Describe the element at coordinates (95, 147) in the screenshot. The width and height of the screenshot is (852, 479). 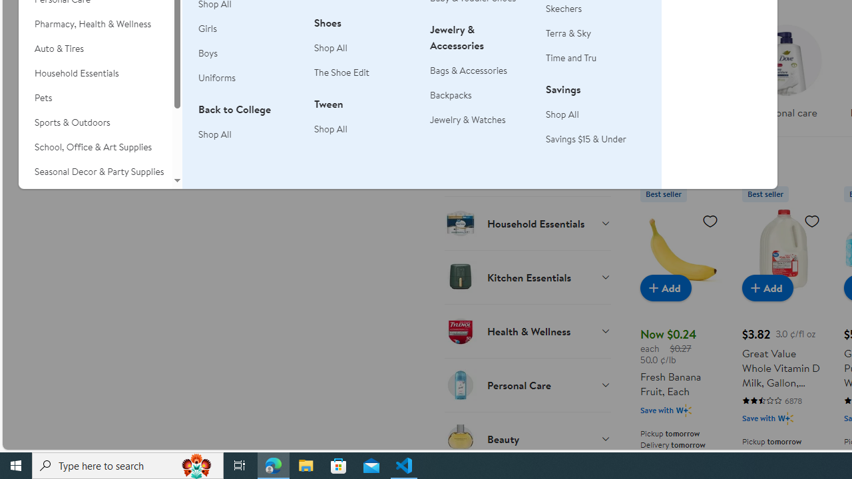
I see `'School, Office & Art Supplies'` at that location.